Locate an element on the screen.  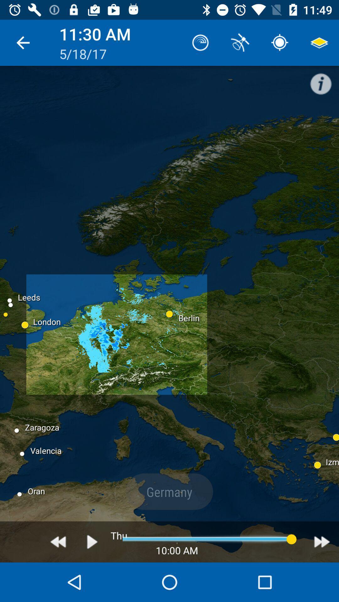
interactive map is located at coordinates (92, 541).